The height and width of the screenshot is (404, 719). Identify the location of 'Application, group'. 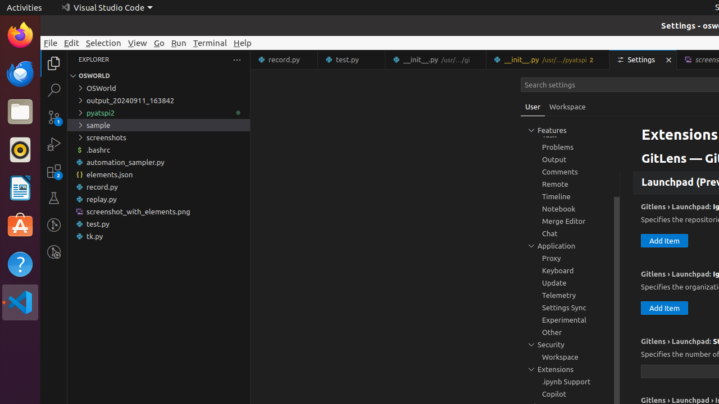
(570, 245).